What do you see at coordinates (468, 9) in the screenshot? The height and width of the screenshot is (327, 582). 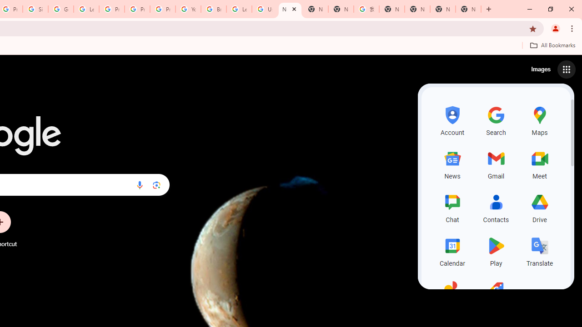 I see `'New Tab'` at bounding box center [468, 9].